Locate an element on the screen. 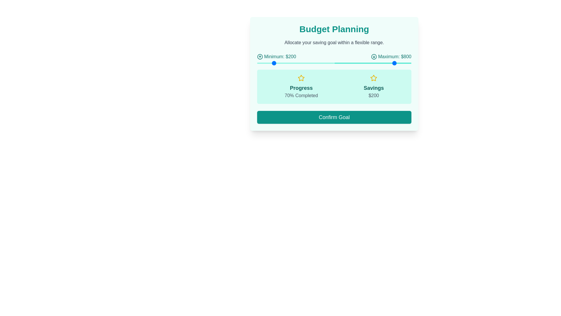  the slider value is located at coordinates (271, 63).